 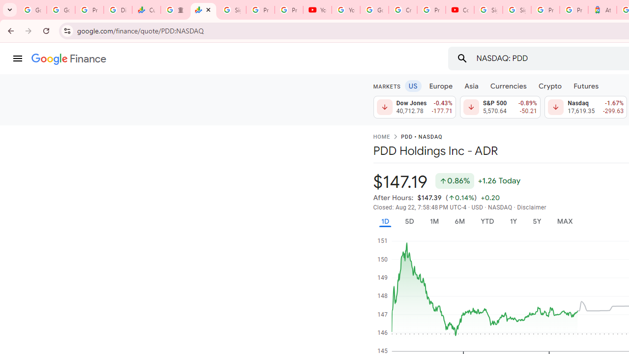 I want to click on 'Crypto', so click(x=549, y=85).